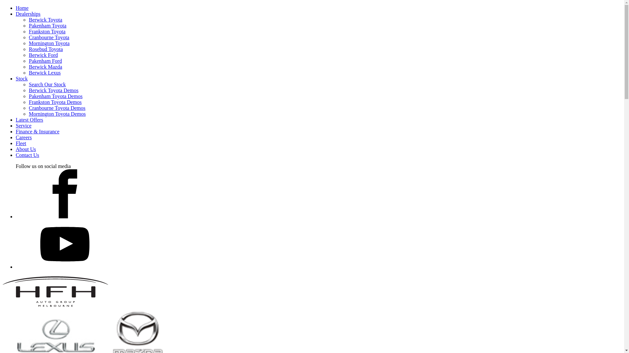 The image size is (629, 353). What do you see at coordinates (47, 31) in the screenshot?
I see `'Frankston Toyota'` at bounding box center [47, 31].